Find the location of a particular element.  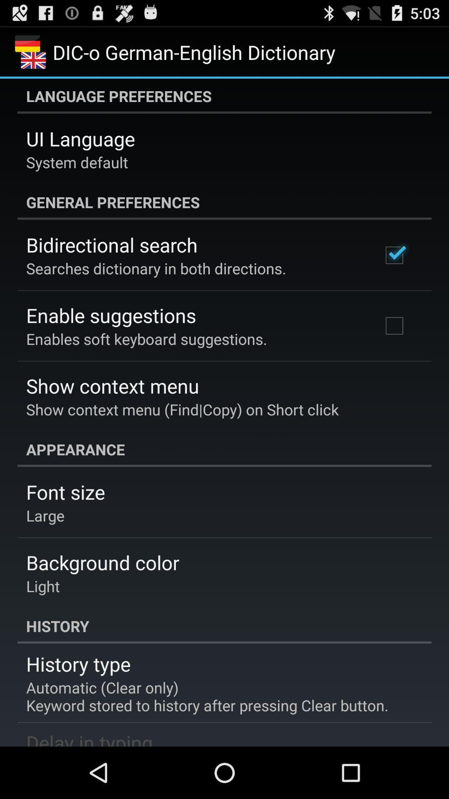

light is located at coordinates (43, 586).